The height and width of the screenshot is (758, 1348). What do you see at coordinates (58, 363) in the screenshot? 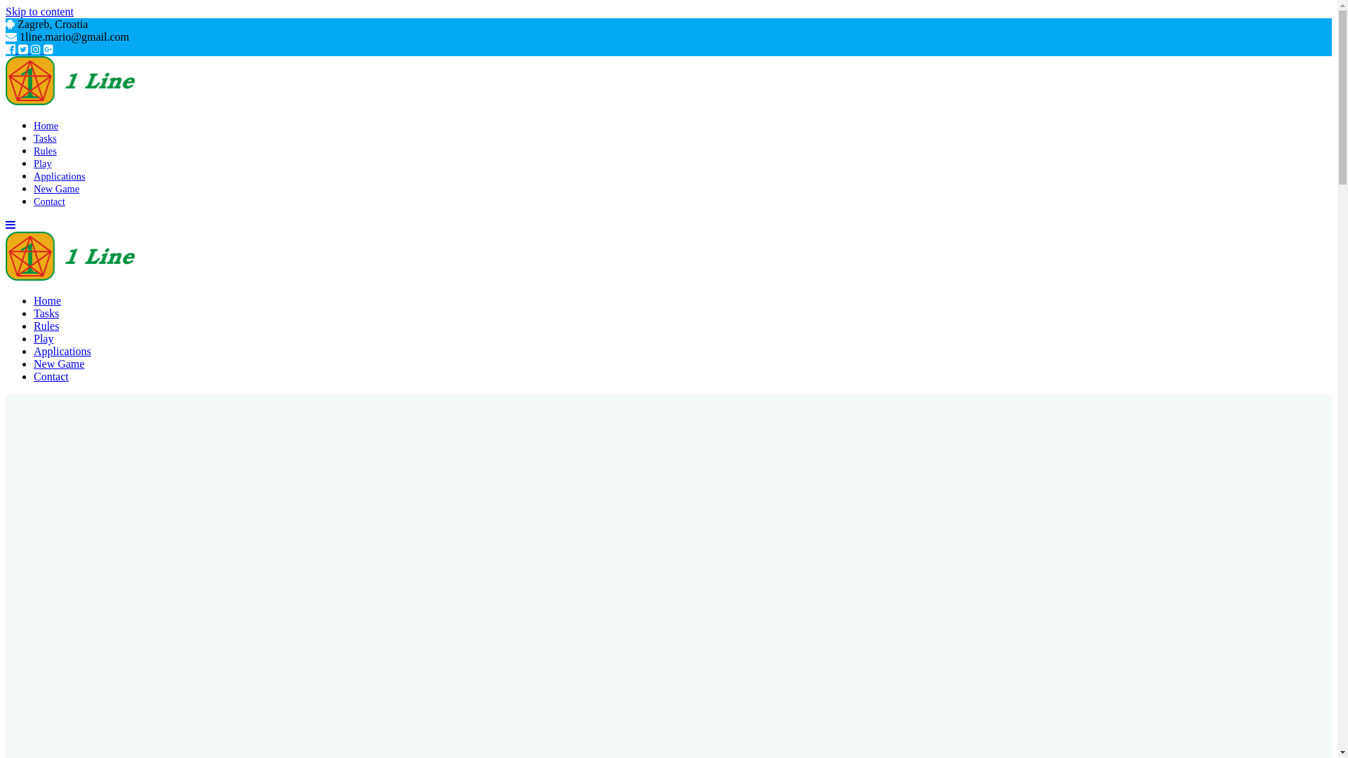
I see `'New Game'` at bounding box center [58, 363].